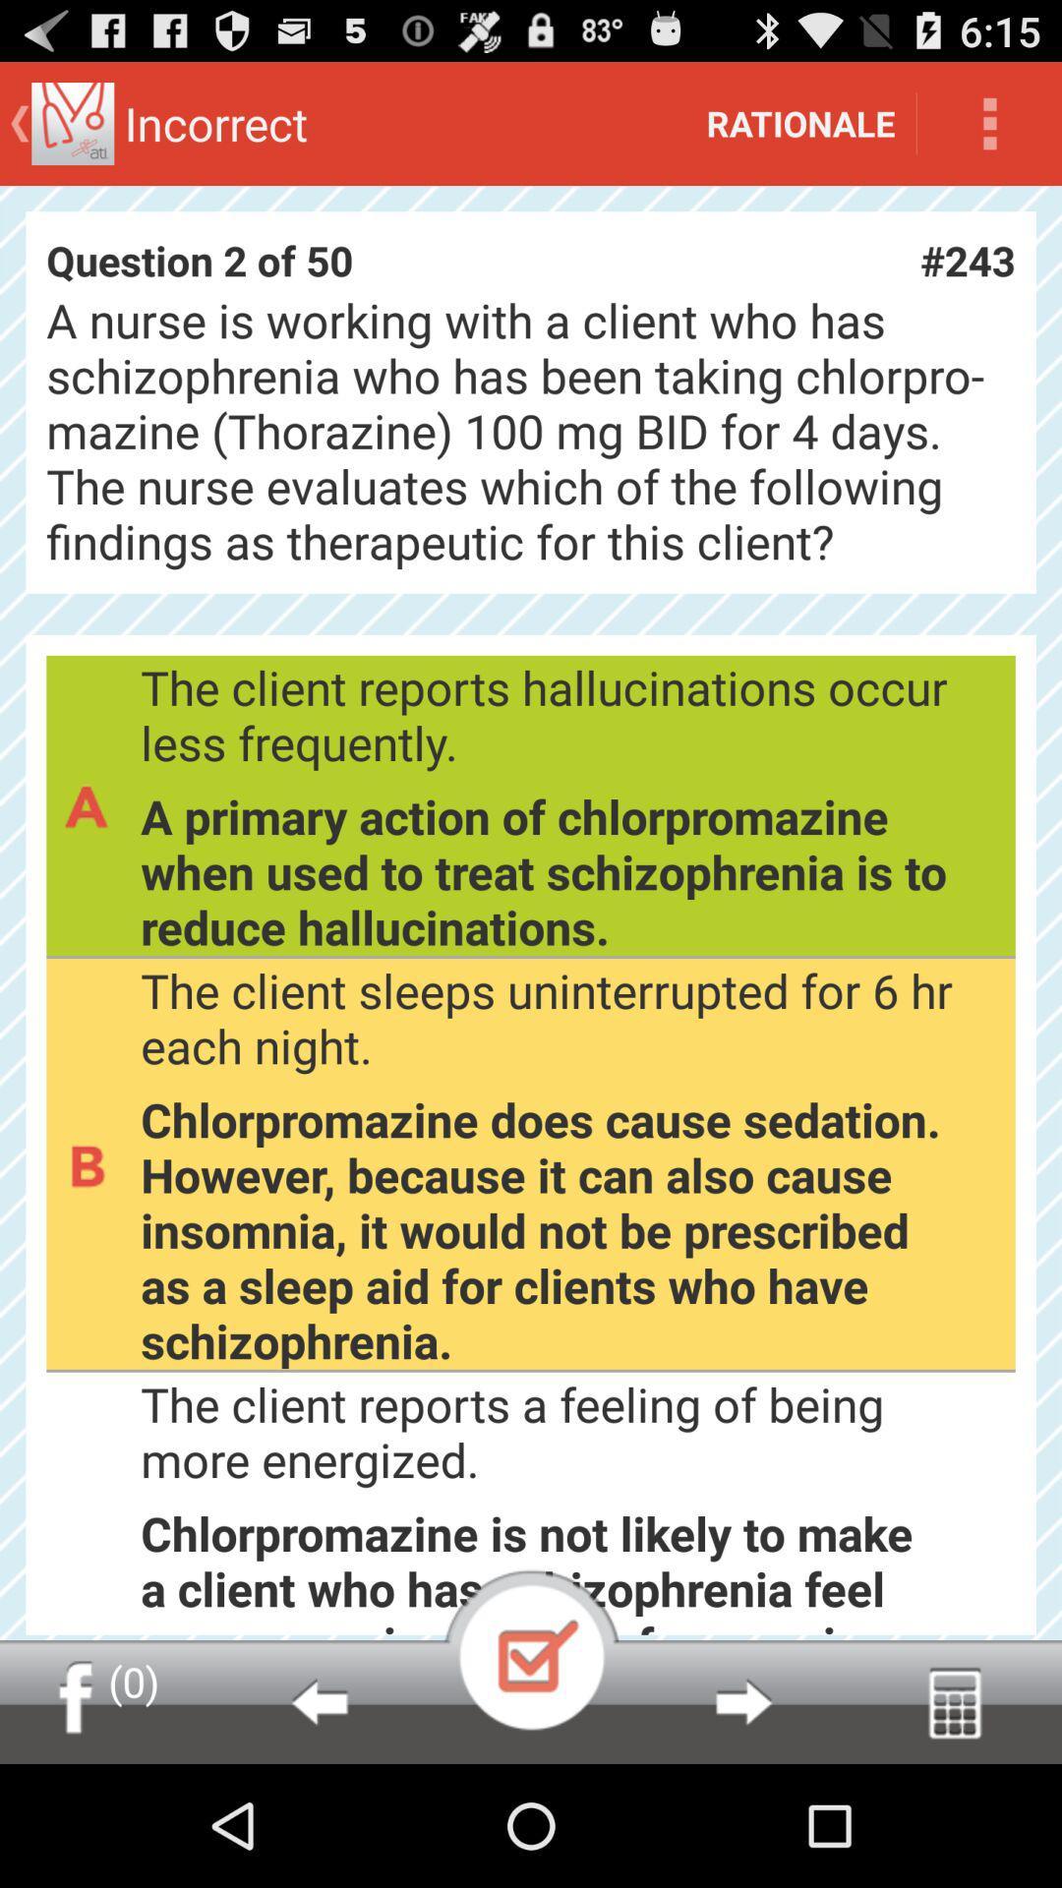 This screenshot has width=1062, height=1888. Describe the element at coordinates (800, 122) in the screenshot. I see `icon to the right of incorrect` at that location.